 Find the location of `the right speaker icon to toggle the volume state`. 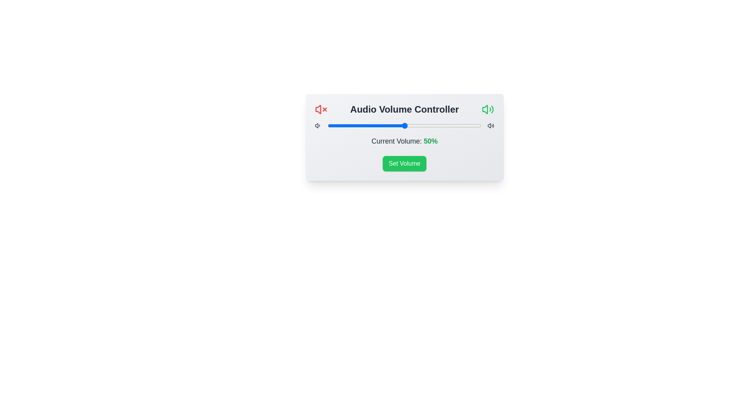

the right speaker icon to toggle the volume state is located at coordinates (488, 109).